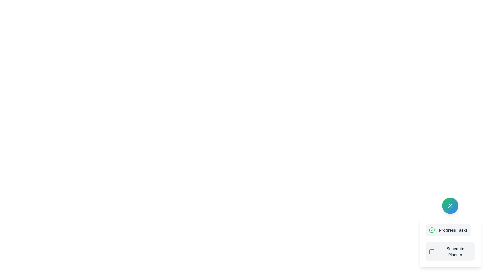  Describe the element at coordinates (450, 205) in the screenshot. I see `the close or dismiss button icon located at the center of the circular button near the bottom-right area of the interface` at that location.